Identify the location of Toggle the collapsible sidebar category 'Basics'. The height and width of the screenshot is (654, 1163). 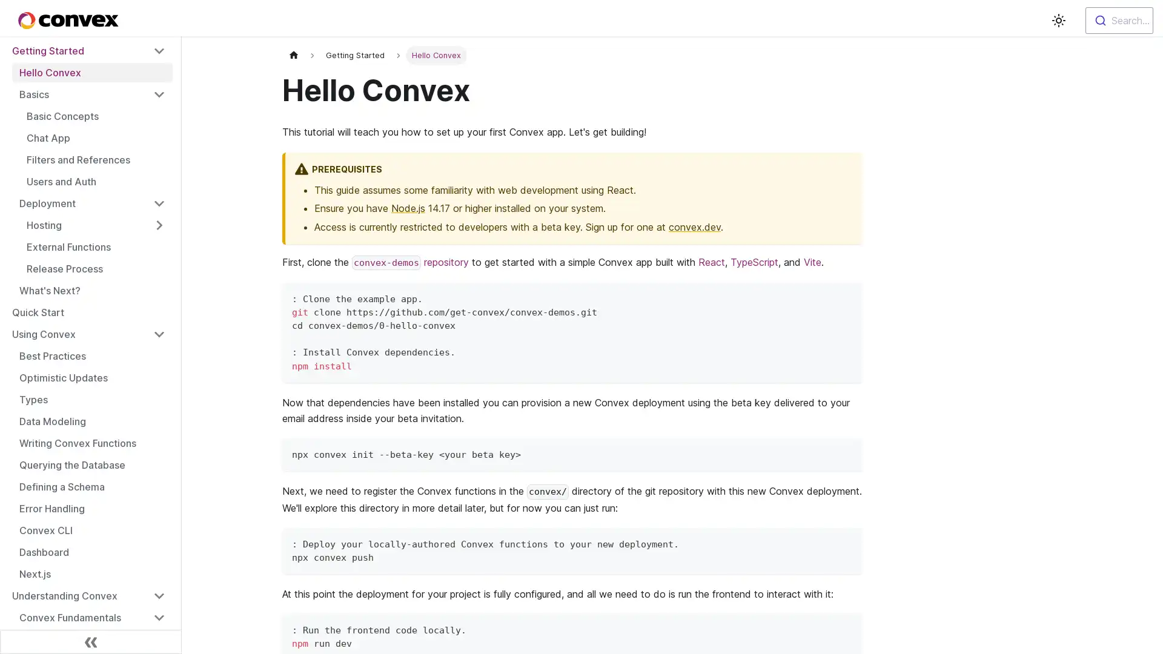
(159, 93).